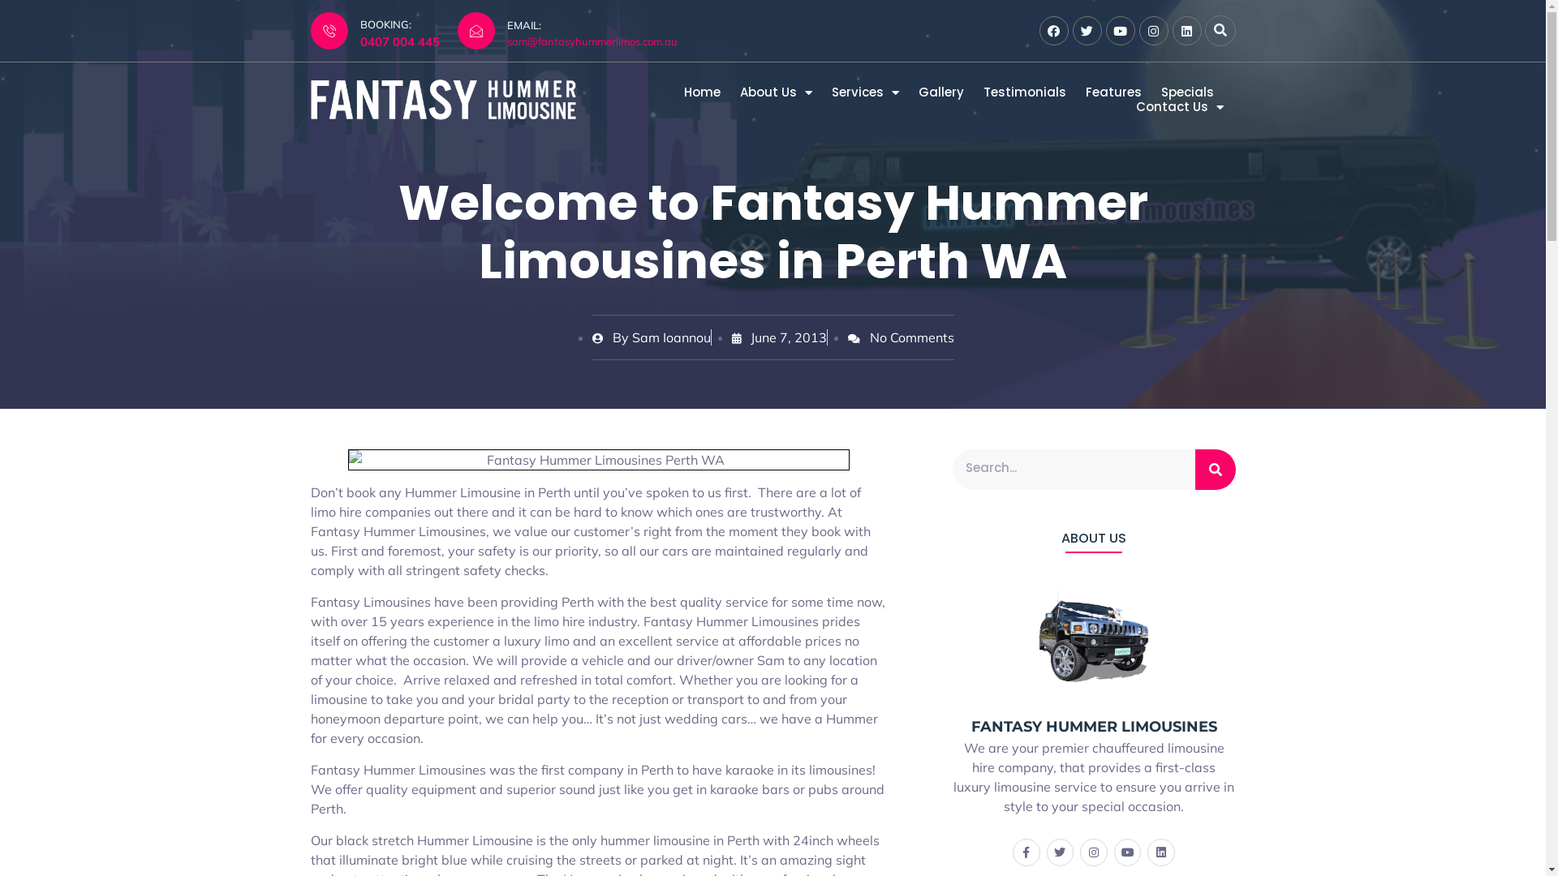 This screenshot has width=1558, height=876. Describe the element at coordinates (1160, 92) in the screenshot. I see `'Specials'` at that location.